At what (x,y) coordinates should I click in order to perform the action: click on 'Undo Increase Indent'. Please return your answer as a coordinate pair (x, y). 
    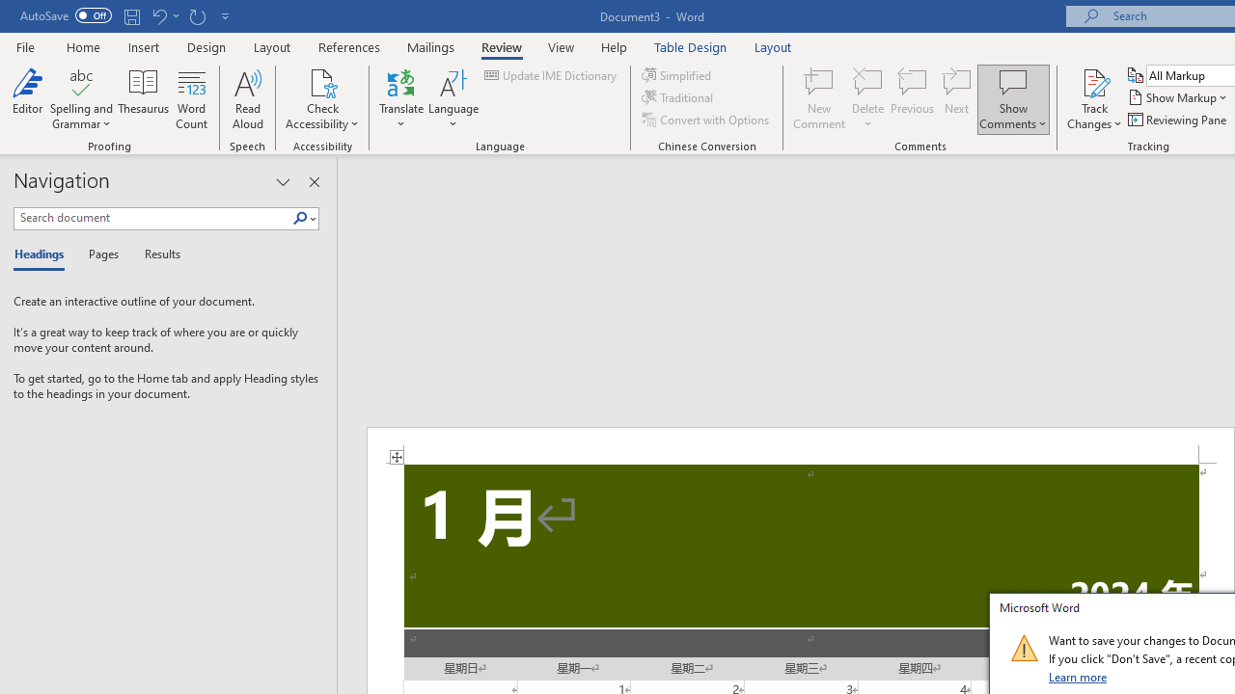
    Looking at the image, I should click on (158, 15).